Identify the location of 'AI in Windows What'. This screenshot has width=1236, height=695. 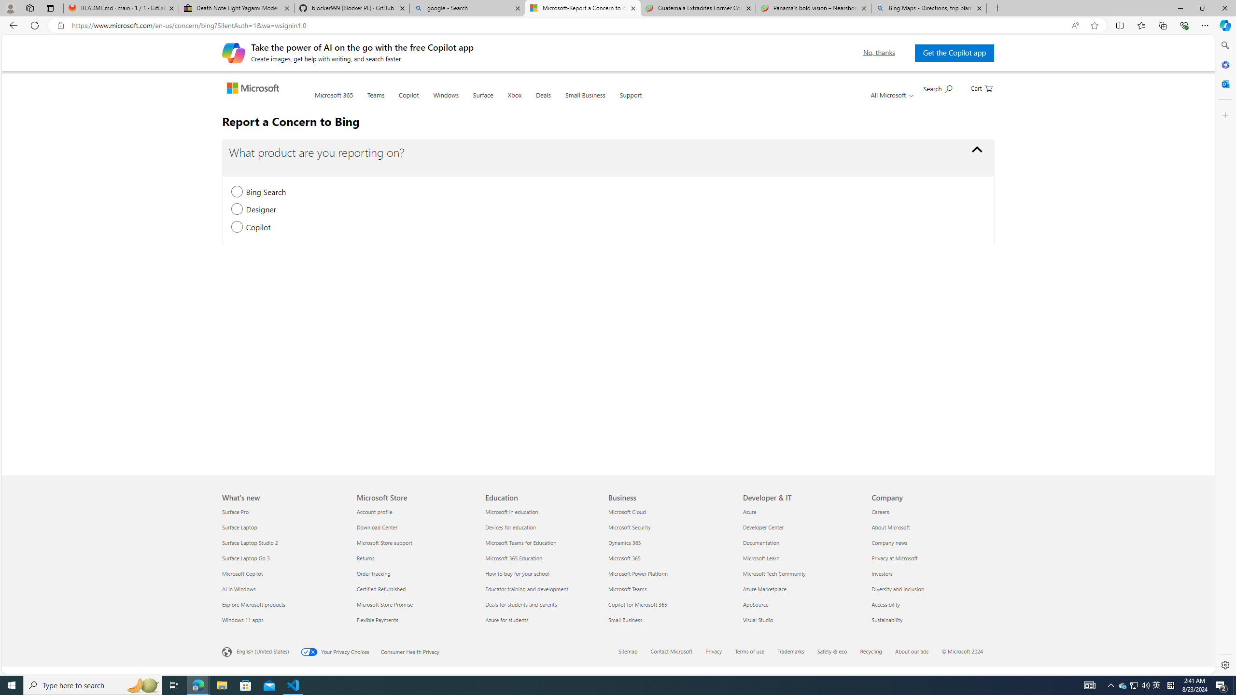
(239, 588).